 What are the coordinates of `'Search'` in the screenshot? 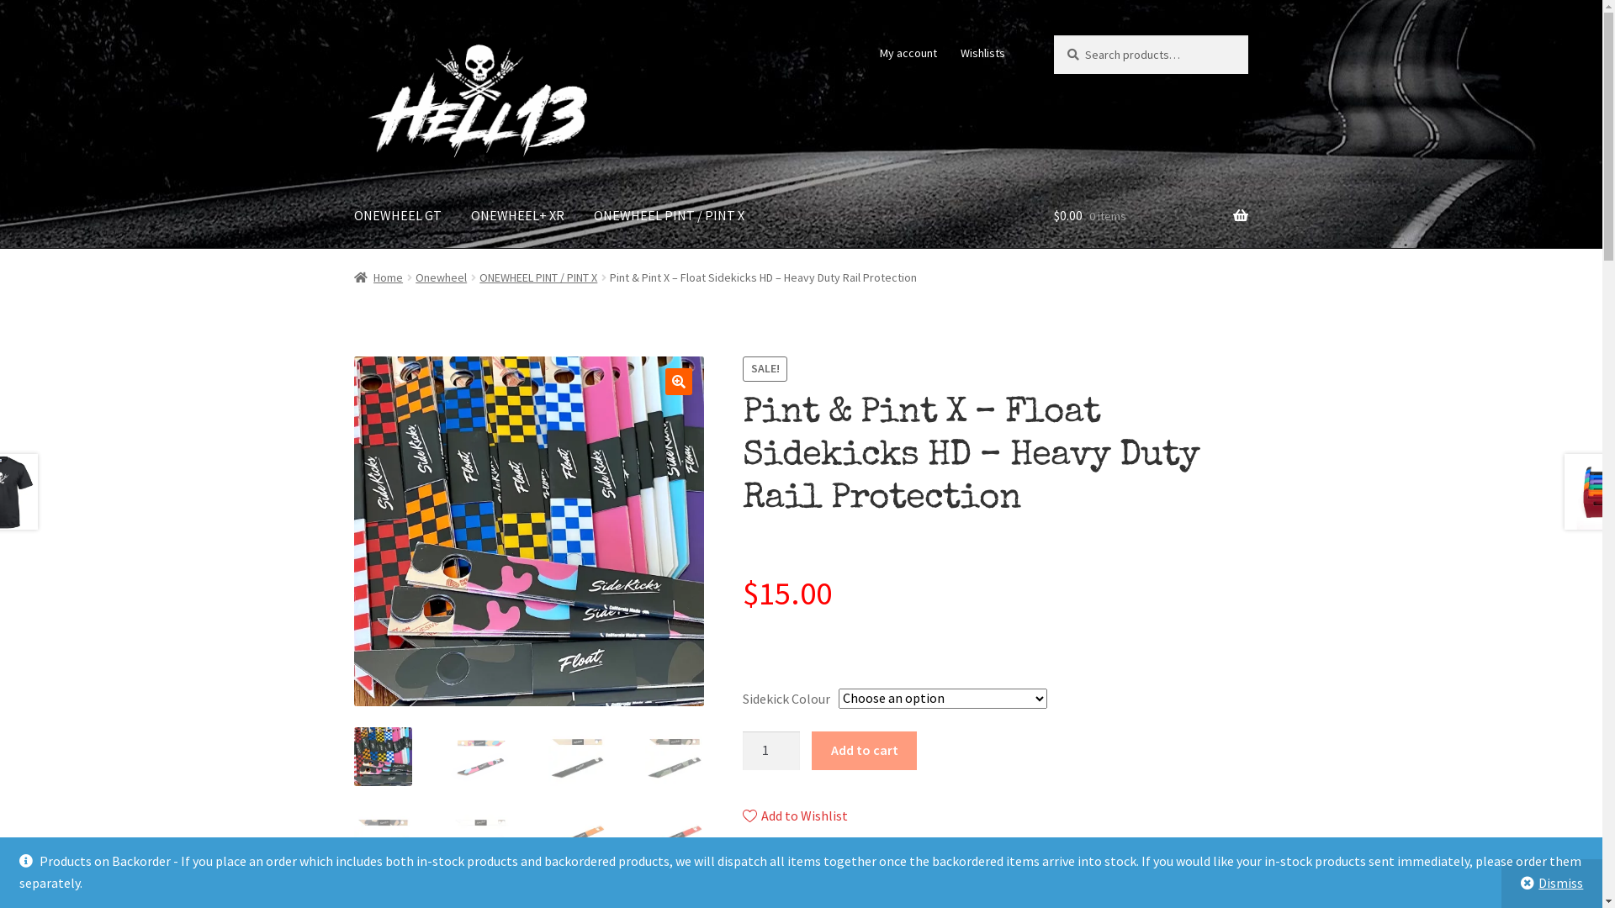 It's located at (1052, 34).